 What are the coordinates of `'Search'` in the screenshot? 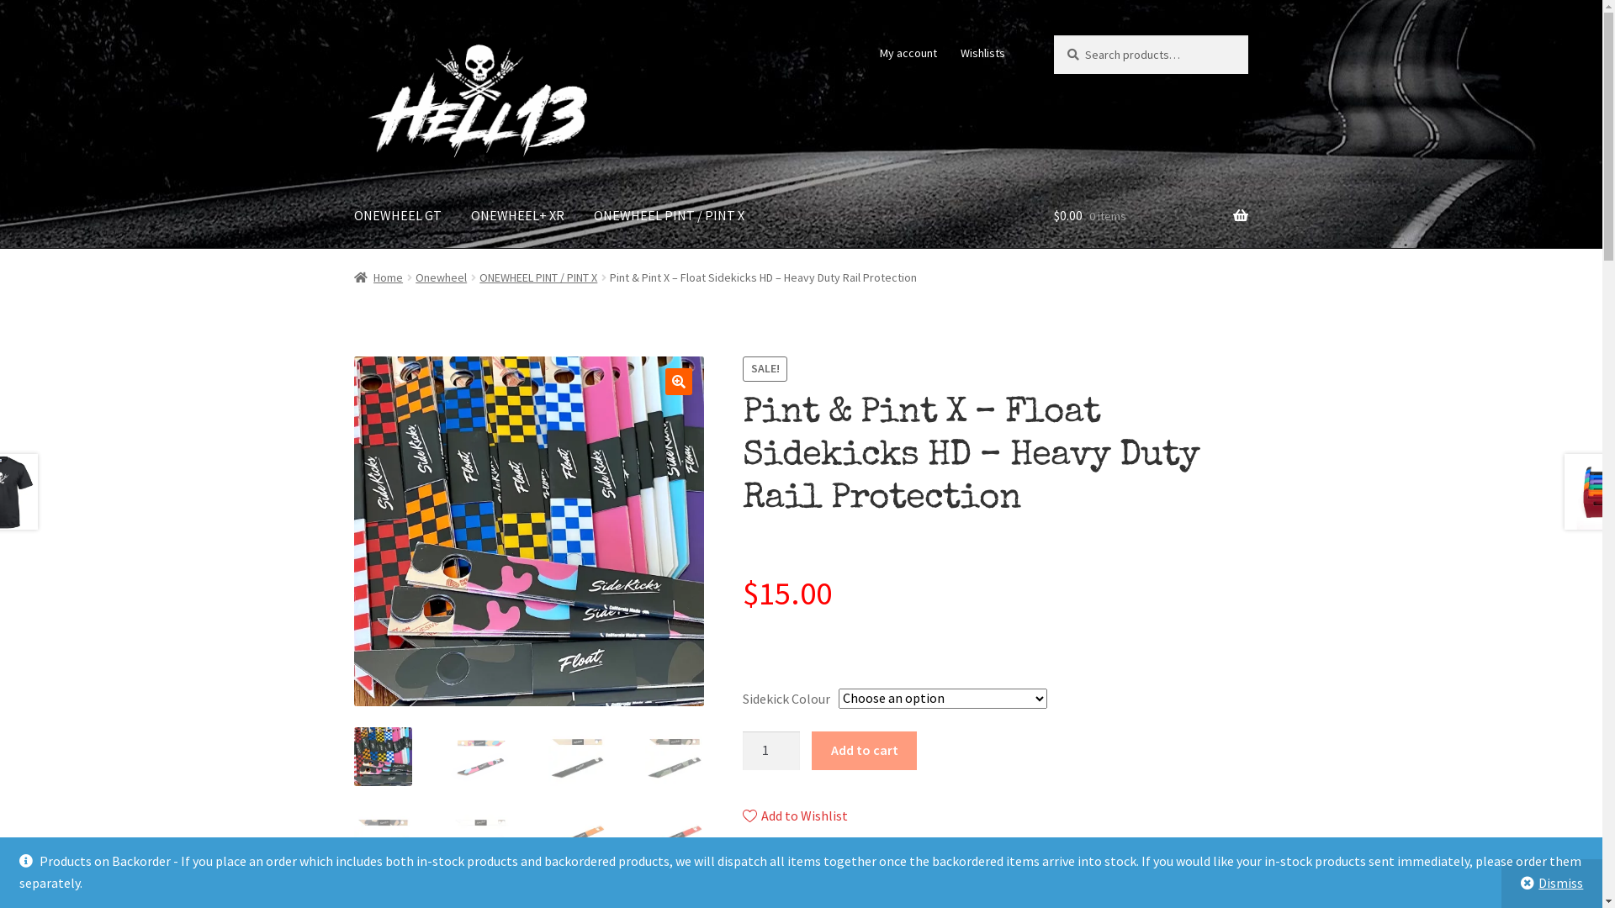 It's located at (1052, 34).